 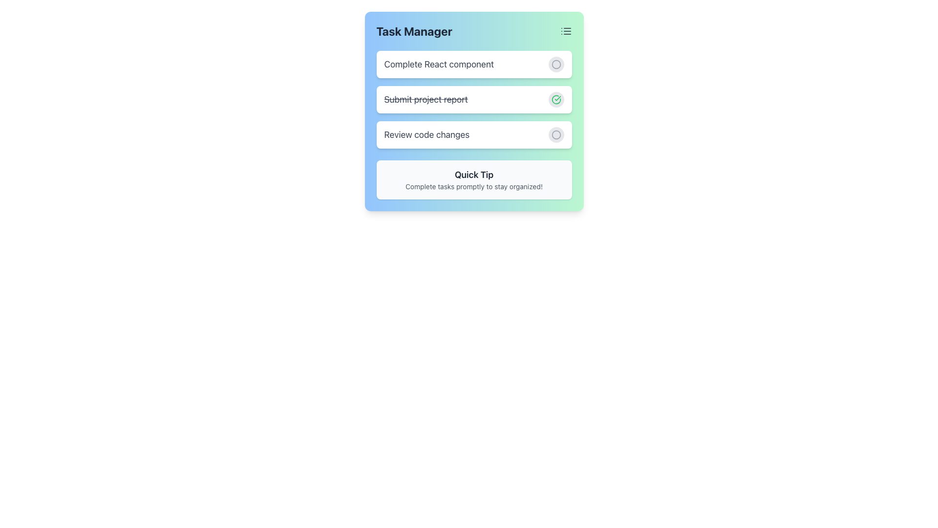 What do you see at coordinates (474, 175) in the screenshot?
I see `the 'Quick Tip' text label` at bounding box center [474, 175].